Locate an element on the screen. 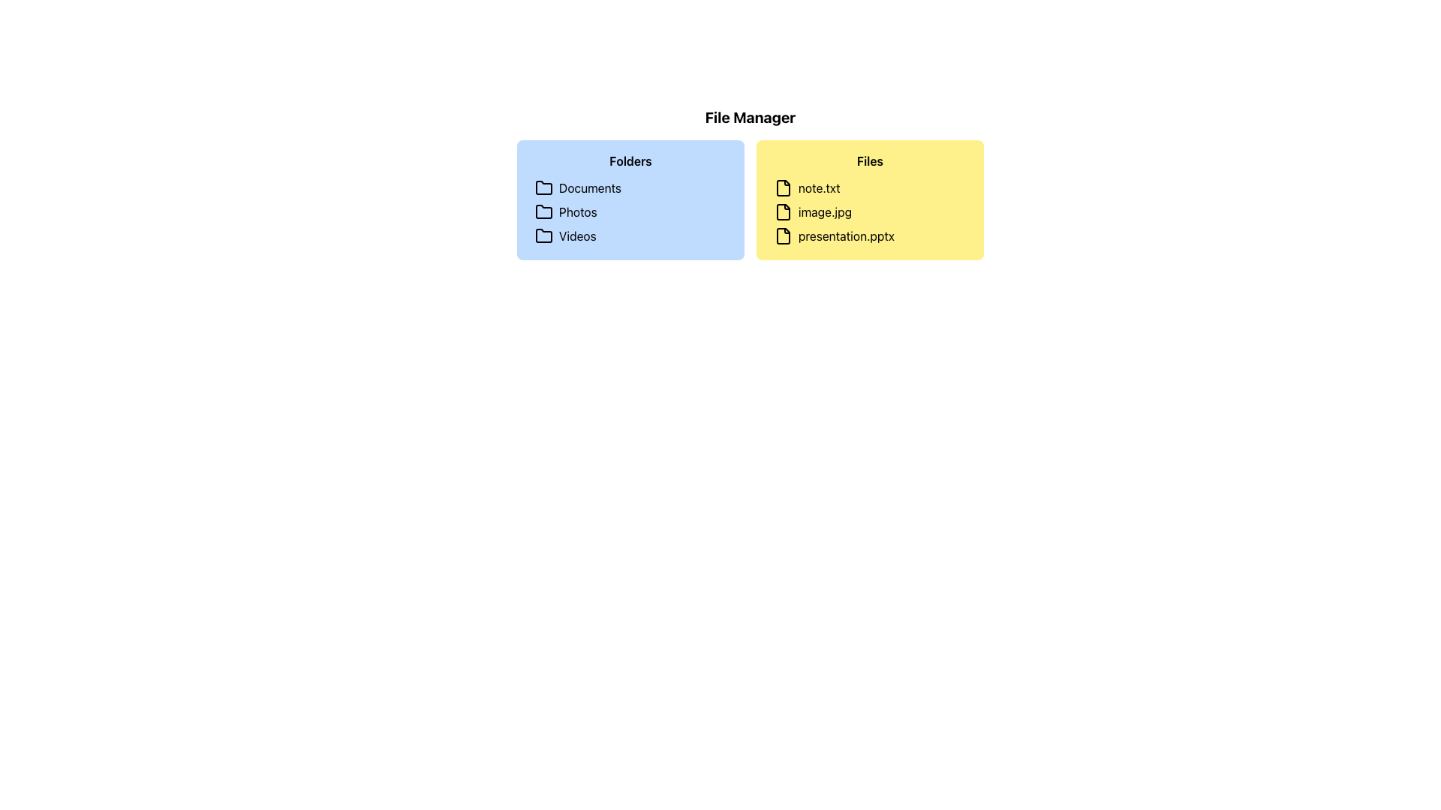  the content displayed within the 'Folders' panel, which contains labeled elements for navigating files such as 'Documents', 'Photos', and 'Videos' is located at coordinates (630, 199).